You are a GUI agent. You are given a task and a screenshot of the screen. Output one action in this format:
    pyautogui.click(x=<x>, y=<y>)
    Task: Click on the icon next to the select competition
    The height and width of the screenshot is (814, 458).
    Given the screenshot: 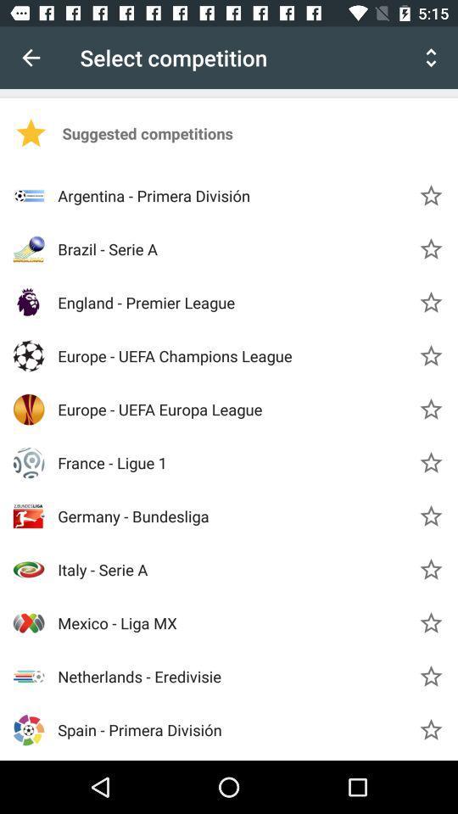 What is the action you would take?
    pyautogui.click(x=431, y=58)
    